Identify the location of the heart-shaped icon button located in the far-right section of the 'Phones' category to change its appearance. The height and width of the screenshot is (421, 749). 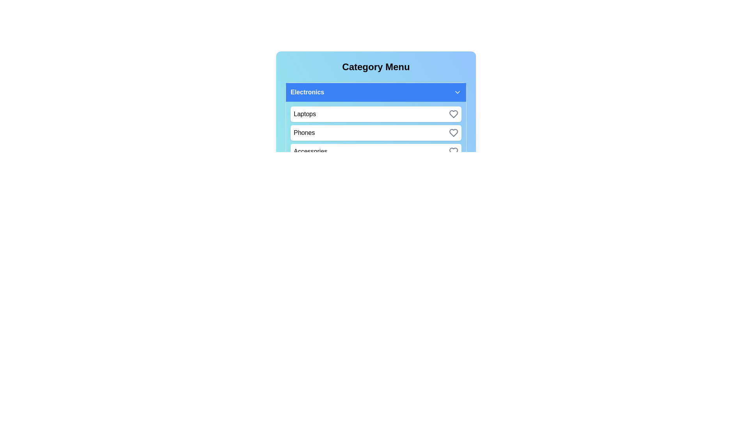
(453, 132).